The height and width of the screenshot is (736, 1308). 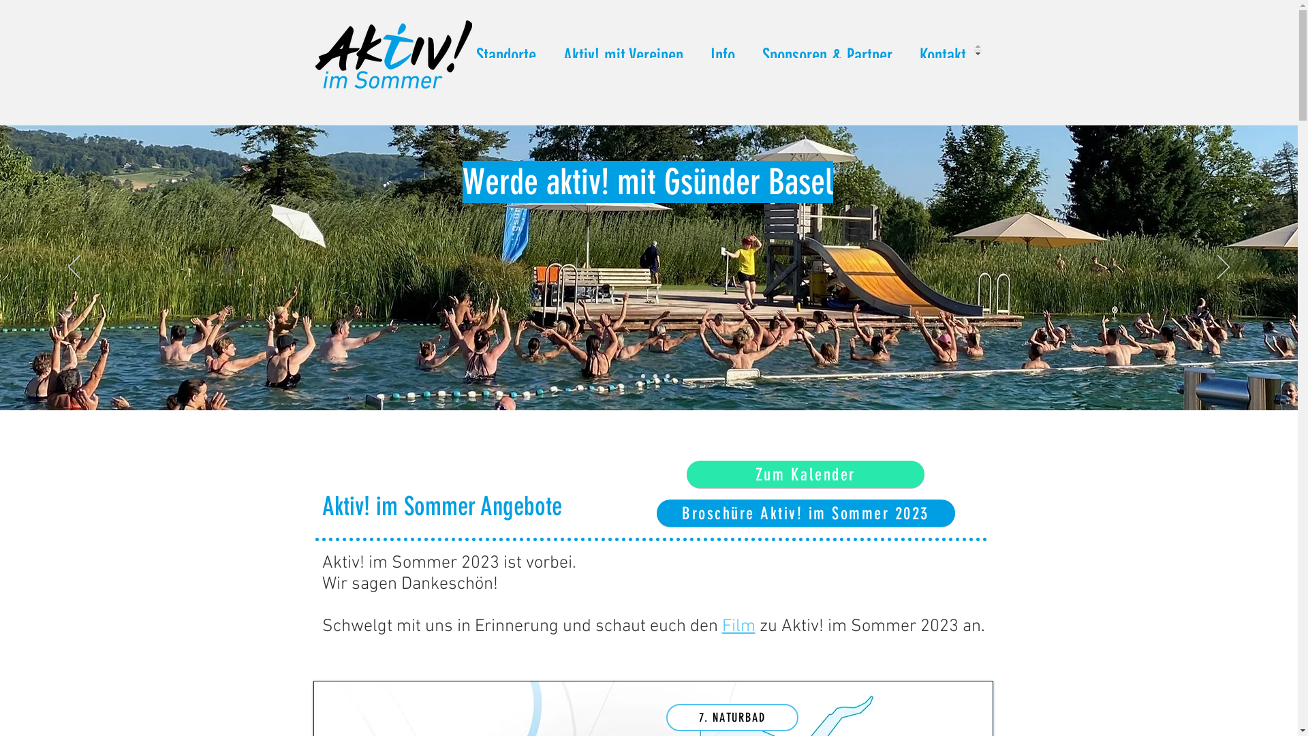 What do you see at coordinates (905, 49) in the screenshot?
I see `'Kontakt'` at bounding box center [905, 49].